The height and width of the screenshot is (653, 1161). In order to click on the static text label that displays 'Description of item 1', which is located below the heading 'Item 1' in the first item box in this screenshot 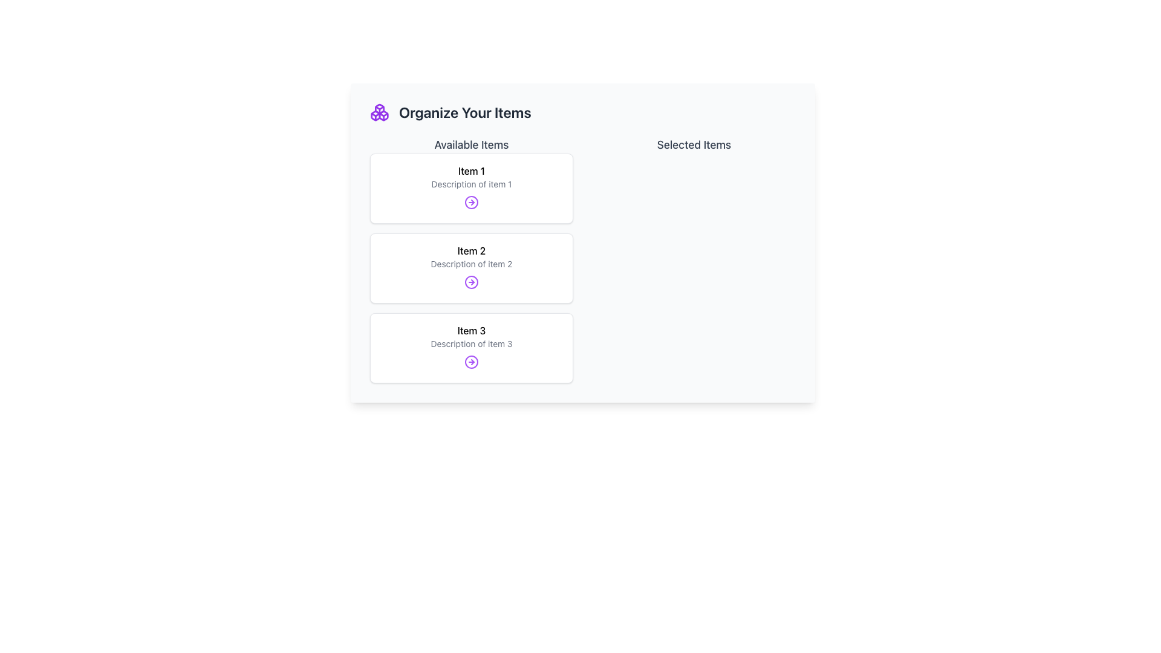, I will do `click(470, 184)`.